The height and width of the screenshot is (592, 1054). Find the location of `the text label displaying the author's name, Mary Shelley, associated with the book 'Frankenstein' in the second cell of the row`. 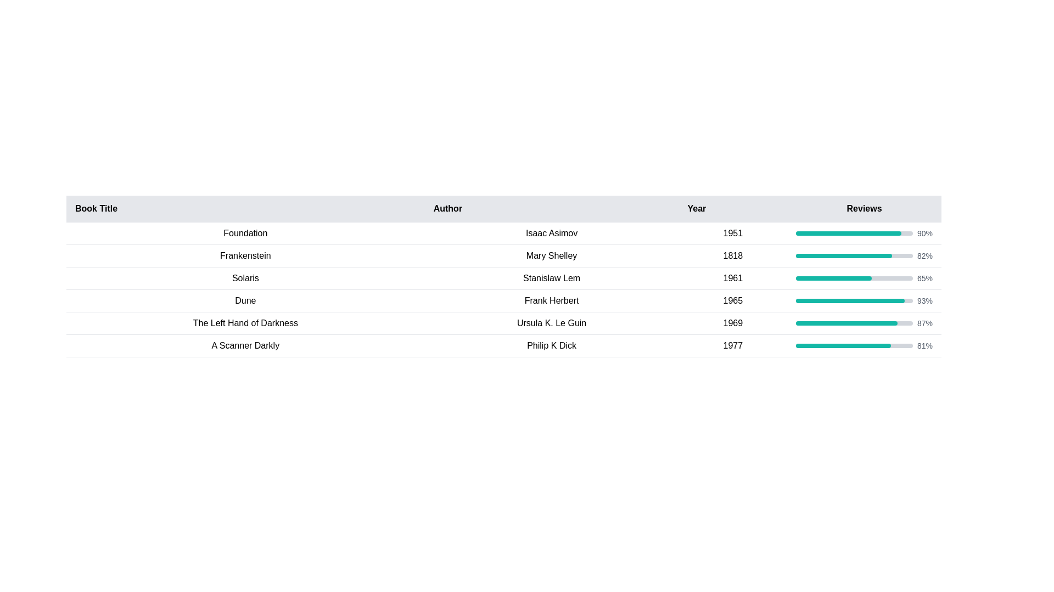

the text label displaying the author's name, Mary Shelley, associated with the book 'Frankenstein' in the second cell of the row is located at coordinates (552, 255).